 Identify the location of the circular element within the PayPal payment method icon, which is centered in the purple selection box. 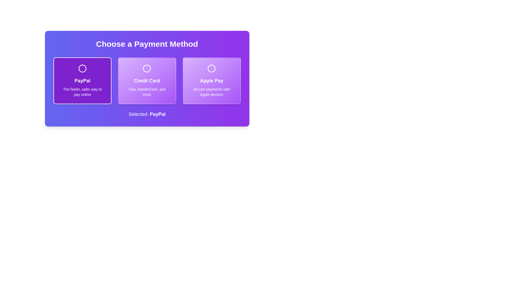
(82, 68).